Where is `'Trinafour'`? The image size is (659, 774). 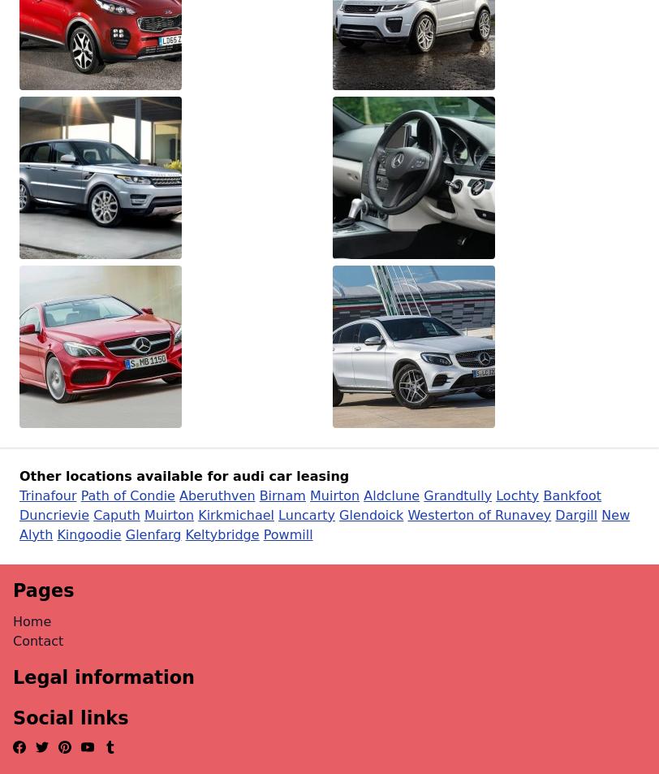
'Trinafour' is located at coordinates (47, 495).